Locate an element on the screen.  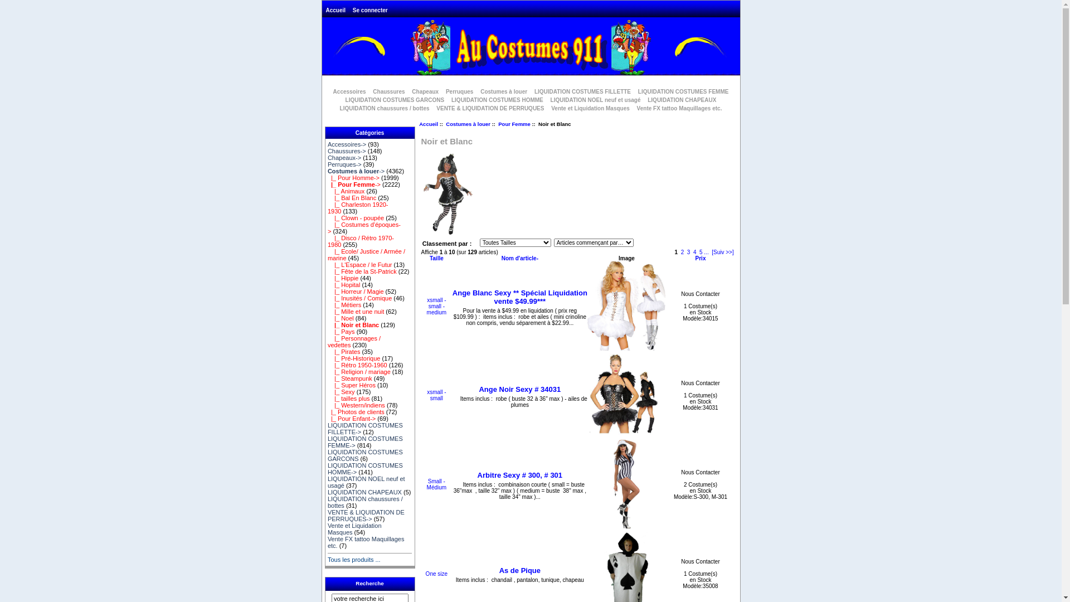
'Vente FX tattoo Maquillages etc.' is located at coordinates (366, 541).